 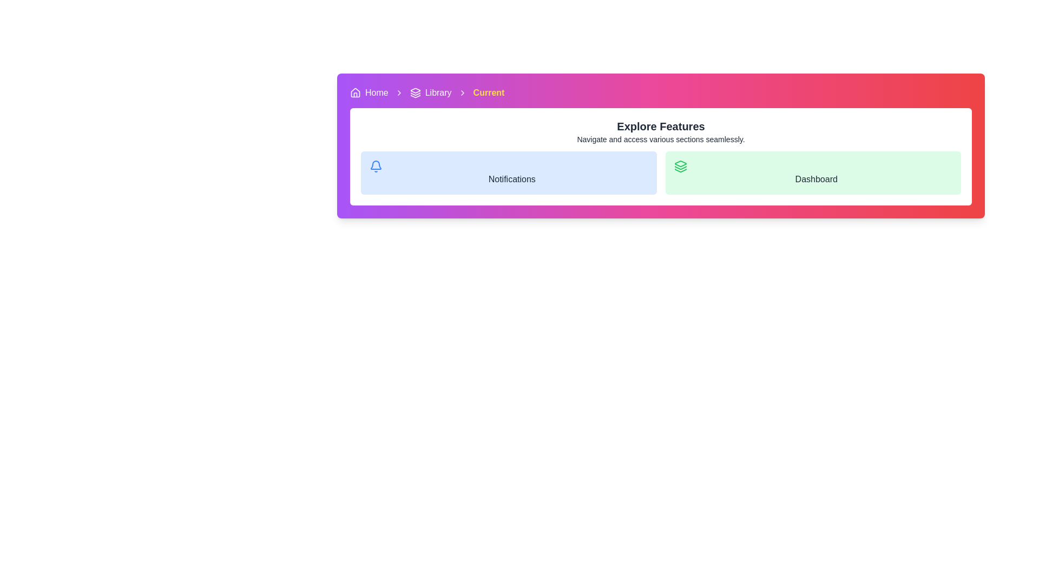 What do you see at coordinates (377, 92) in the screenshot?
I see `the clickable link in the top navigation bar, which is the first textual label following the house icon` at bounding box center [377, 92].